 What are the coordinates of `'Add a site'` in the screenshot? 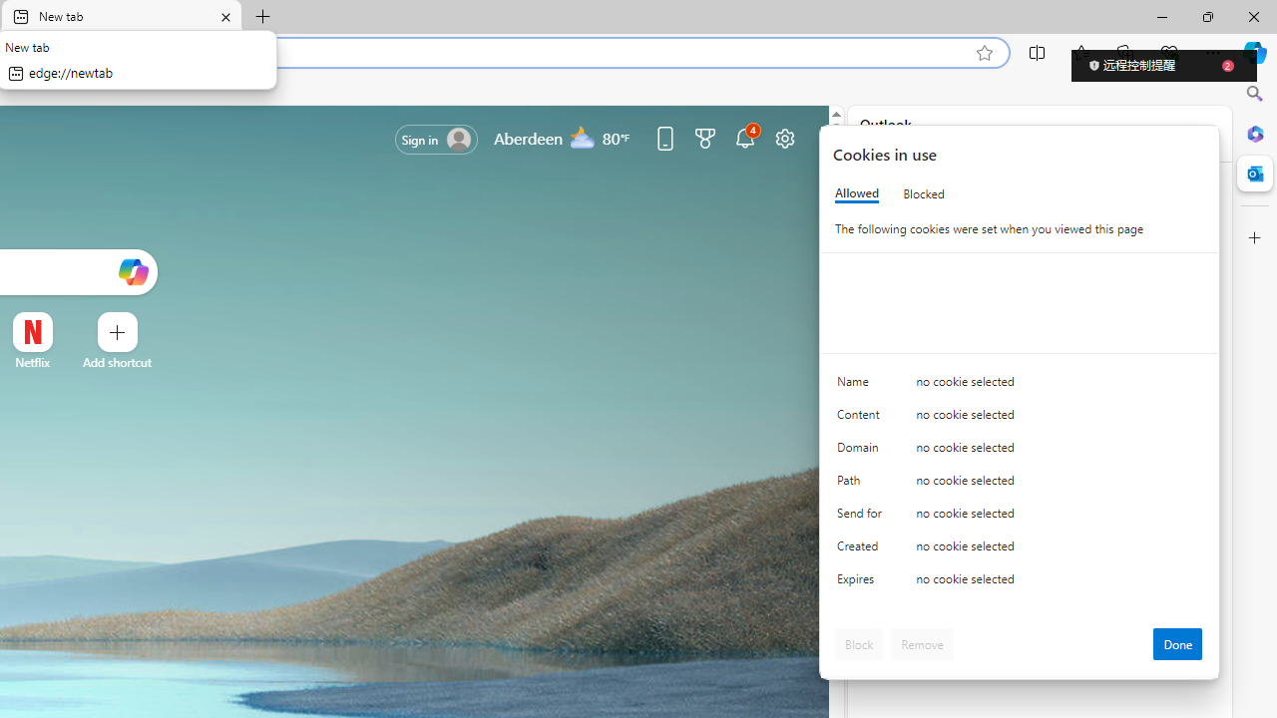 It's located at (116, 362).